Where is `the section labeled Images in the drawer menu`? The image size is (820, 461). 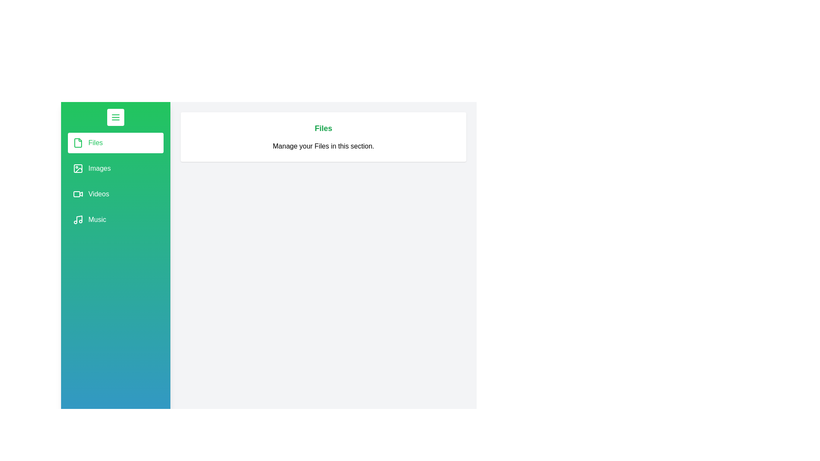
the section labeled Images in the drawer menu is located at coordinates (115, 168).